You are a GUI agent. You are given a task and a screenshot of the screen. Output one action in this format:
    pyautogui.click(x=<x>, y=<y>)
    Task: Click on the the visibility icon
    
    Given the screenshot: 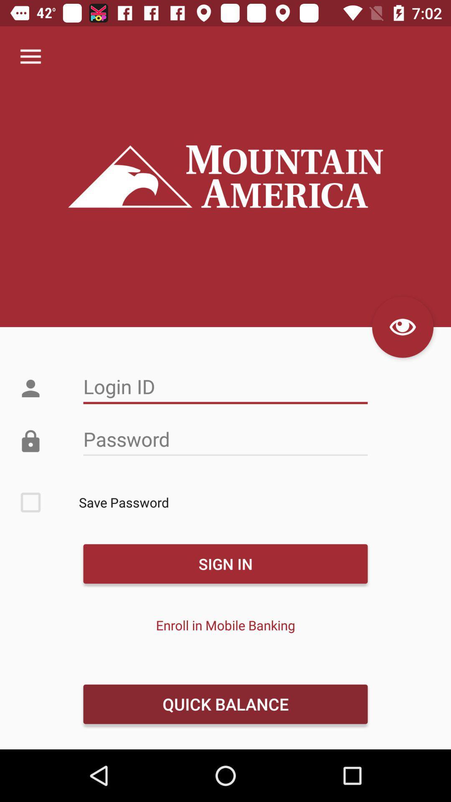 What is the action you would take?
    pyautogui.click(x=402, y=326)
    